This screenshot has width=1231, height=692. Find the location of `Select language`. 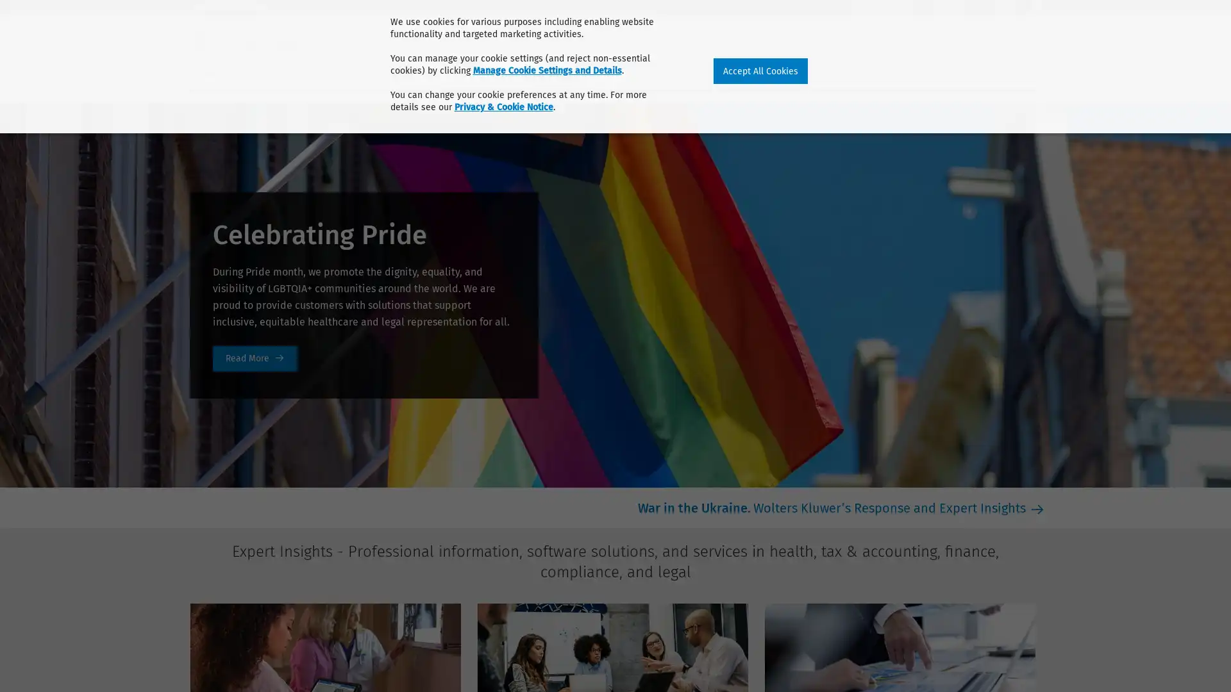

Select language is located at coordinates (1036, 7).